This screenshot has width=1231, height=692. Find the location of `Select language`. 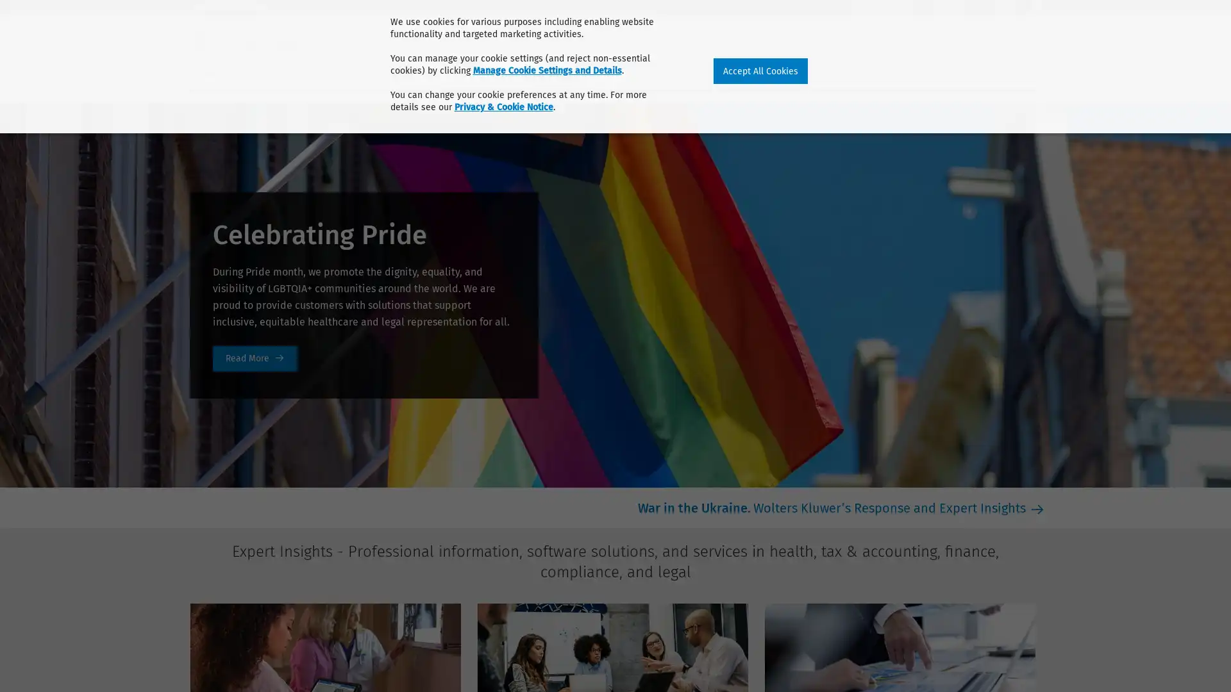

Select language is located at coordinates (1036, 7).